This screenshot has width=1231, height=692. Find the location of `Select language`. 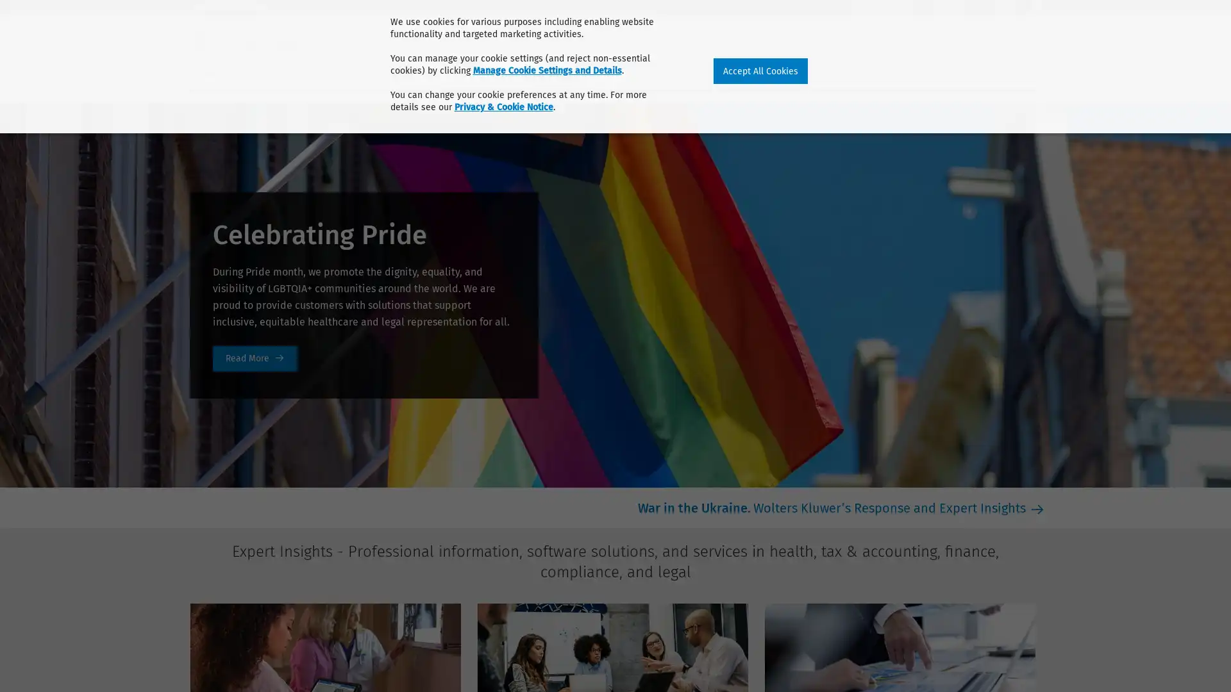

Select language is located at coordinates (1036, 7).